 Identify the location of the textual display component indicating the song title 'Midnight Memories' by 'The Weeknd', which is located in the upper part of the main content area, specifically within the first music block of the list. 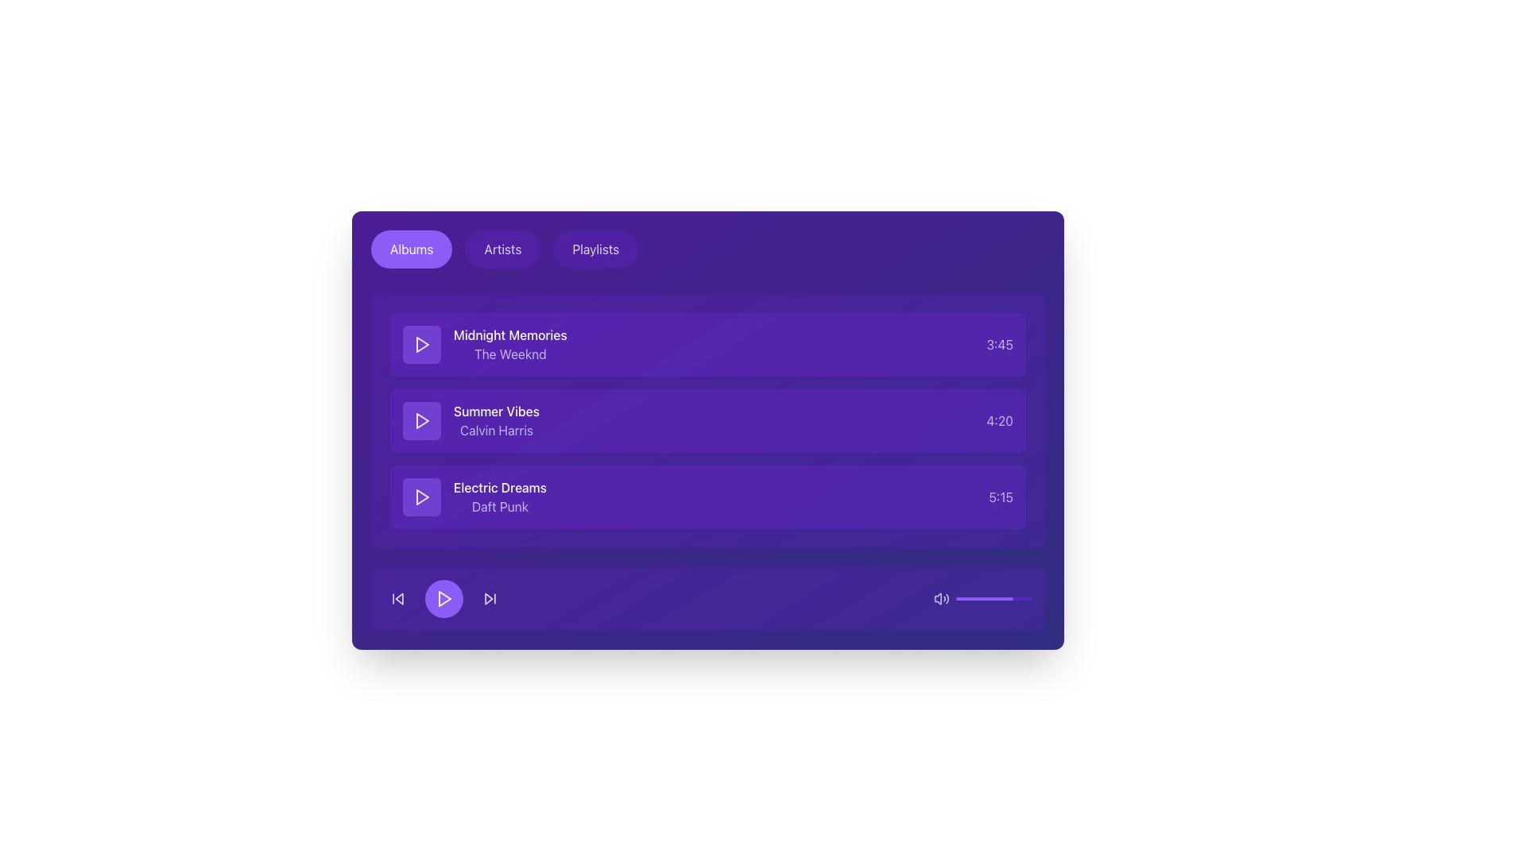
(484, 344).